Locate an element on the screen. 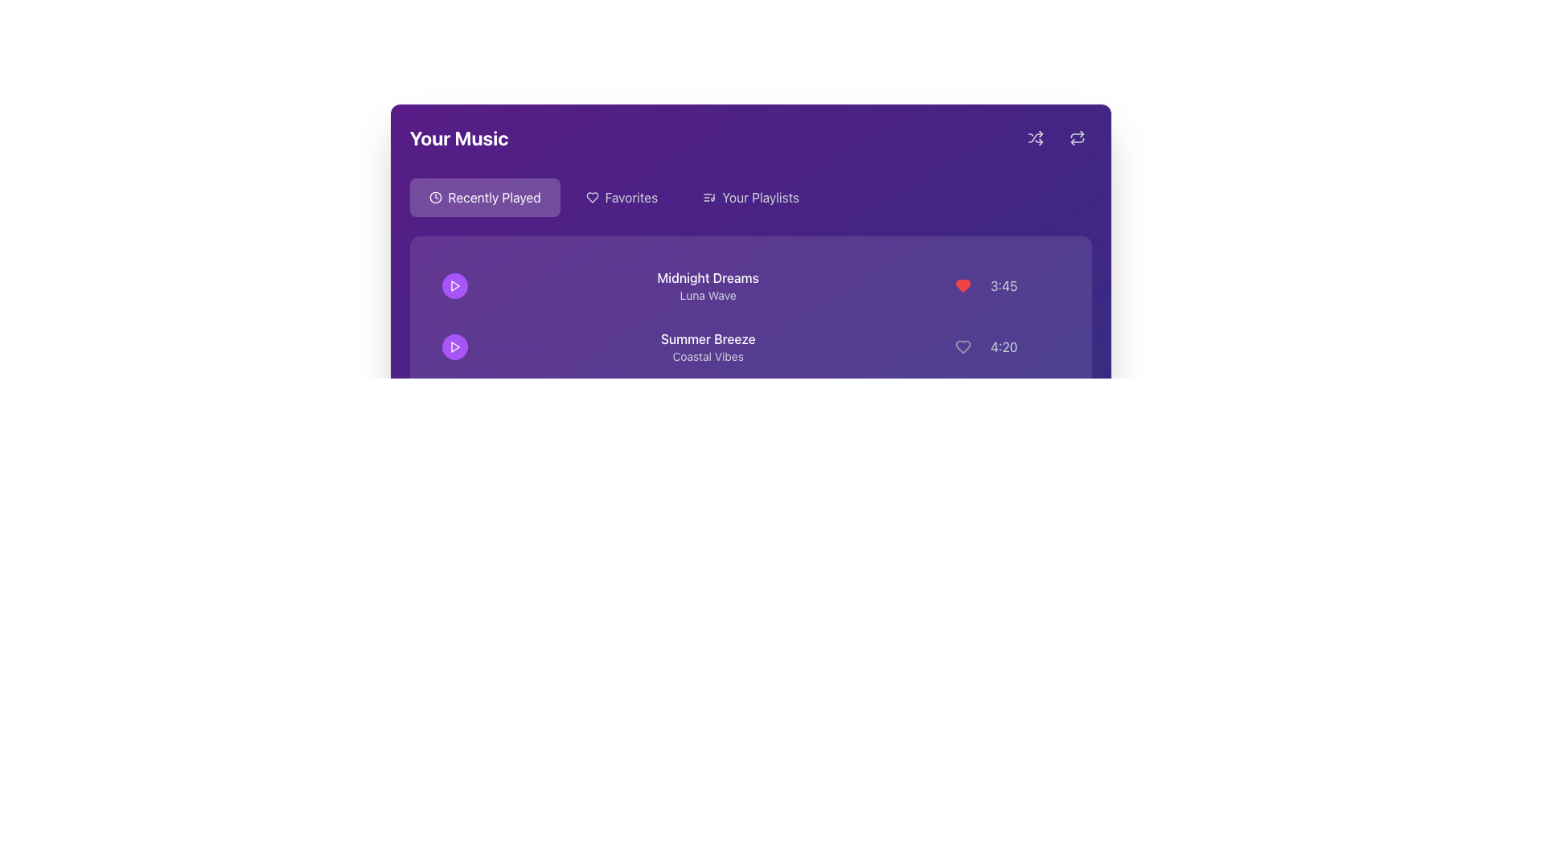  the text label that serves as the title or header for the section related to the user's music, located in the top-left section of the purple background header is located at coordinates (458, 137).